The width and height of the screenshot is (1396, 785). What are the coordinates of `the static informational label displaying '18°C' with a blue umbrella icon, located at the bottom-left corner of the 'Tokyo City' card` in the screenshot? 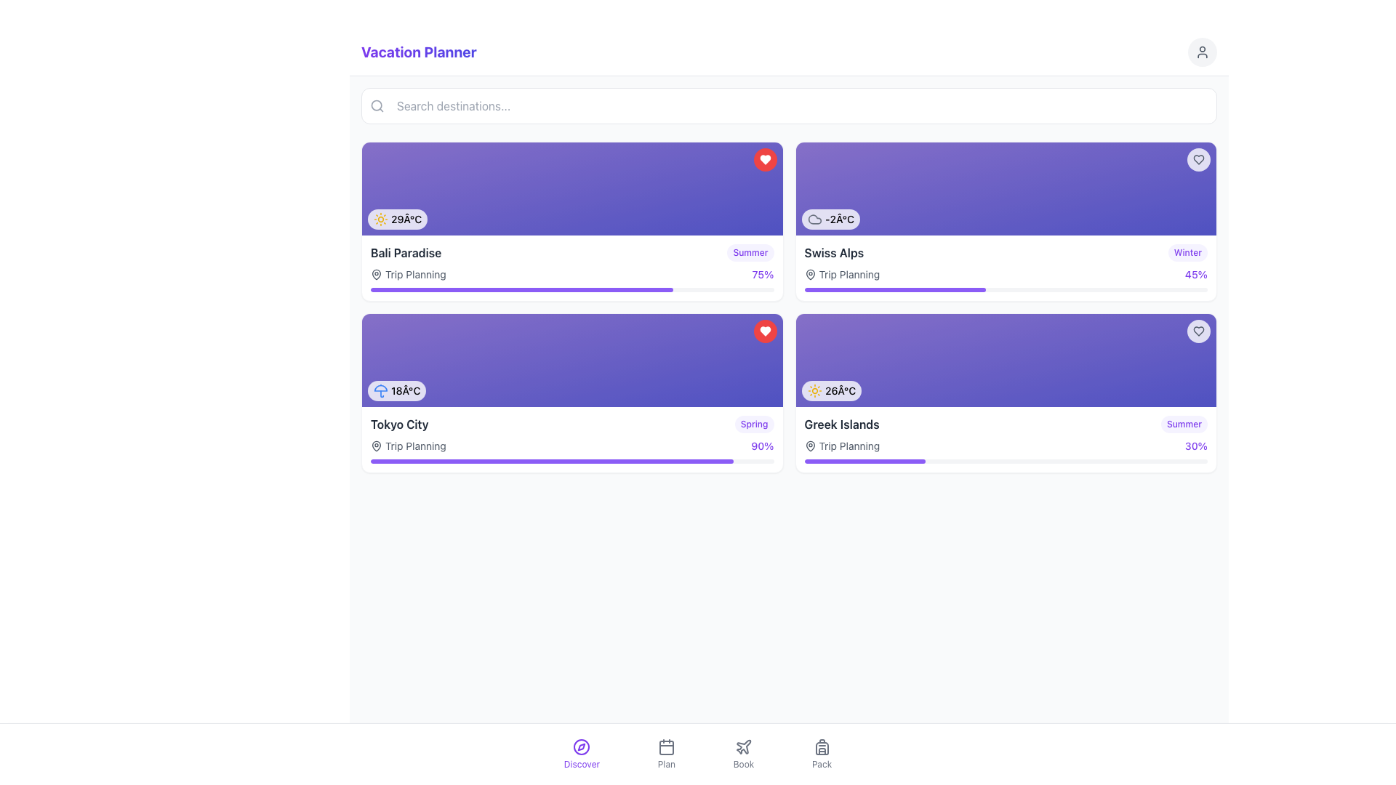 It's located at (397, 390).